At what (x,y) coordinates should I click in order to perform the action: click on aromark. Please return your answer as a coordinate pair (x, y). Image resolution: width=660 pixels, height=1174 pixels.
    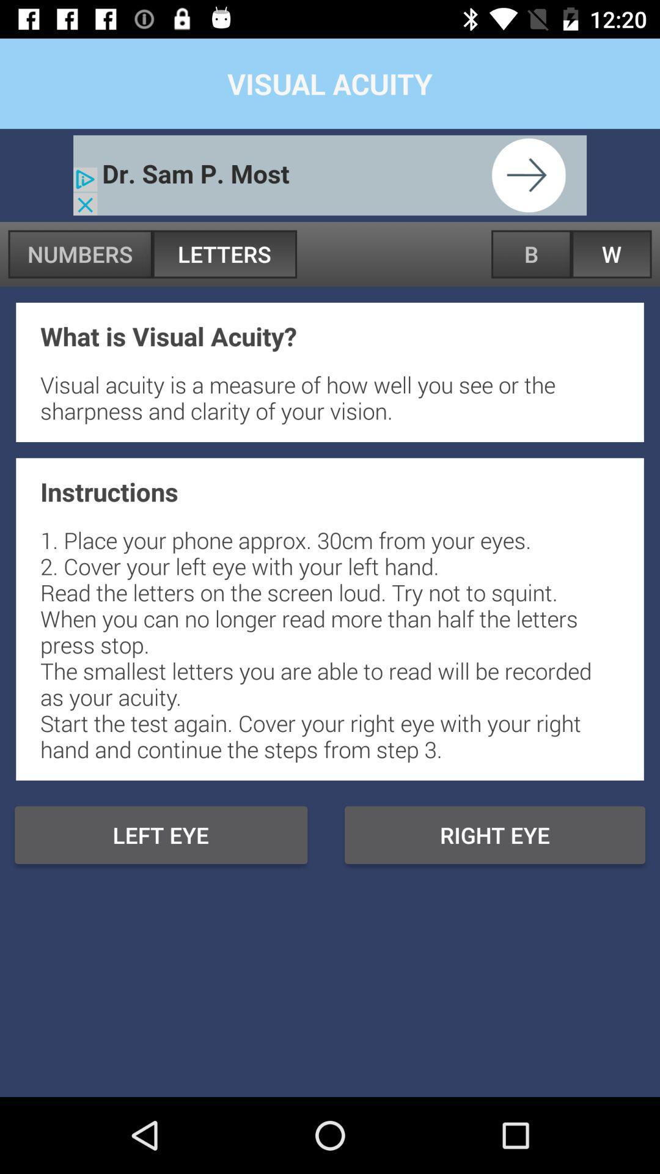
    Looking at the image, I should click on (330, 174).